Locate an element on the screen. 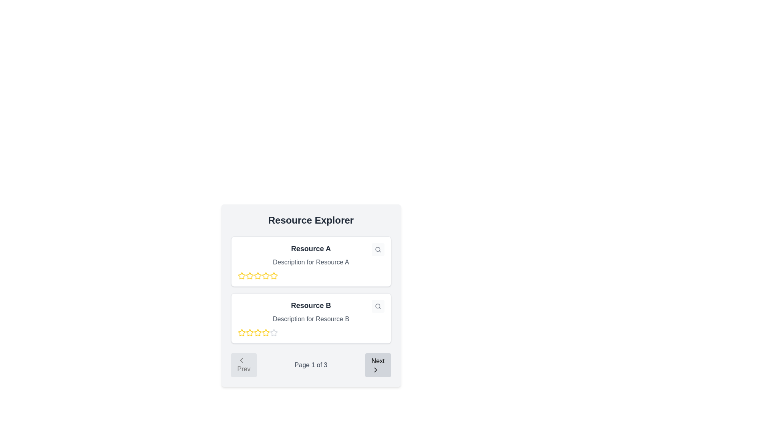 The image size is (769, 432). the fifth star icon in the rating row under 'Resource B' is located at coordinates (258, 333).